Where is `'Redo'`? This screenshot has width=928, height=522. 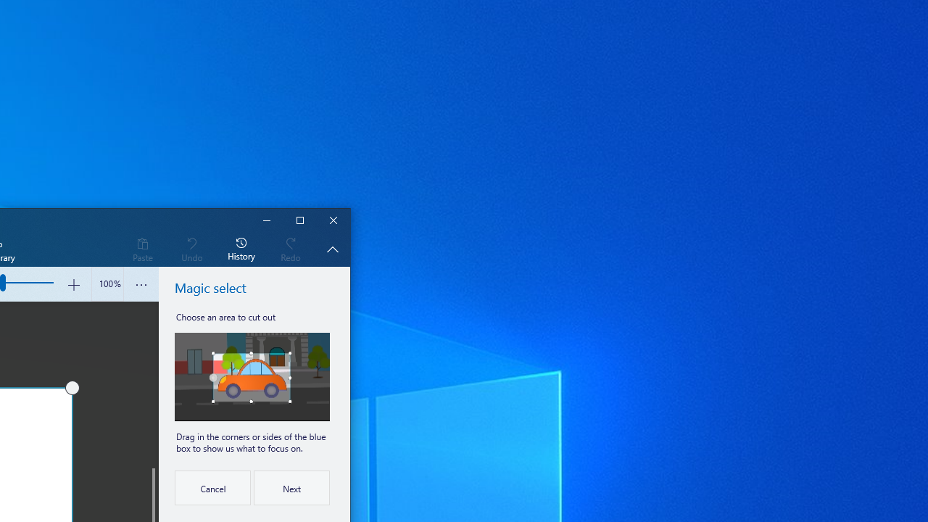
'Redo' is located at coordinates (290, 248).